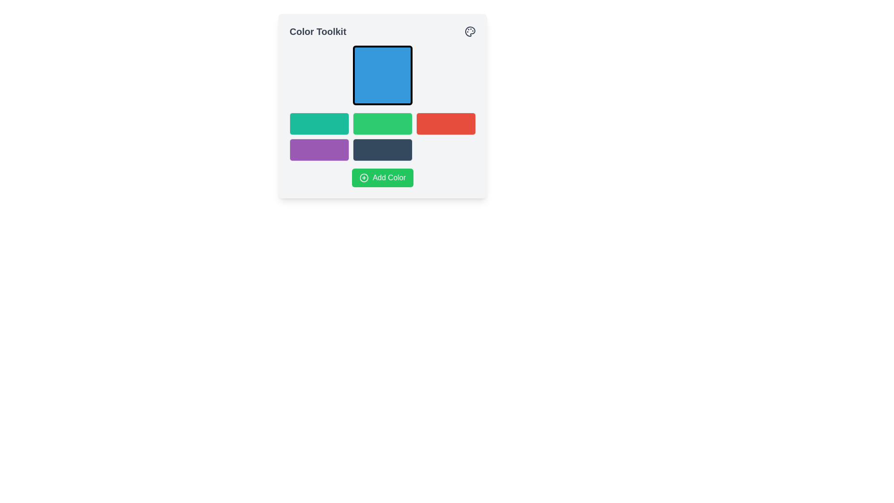 The width and height of the screenshot is (894, 503). I want to click on a specific colored block within the Color Toolkit grid, so click(382, 136).